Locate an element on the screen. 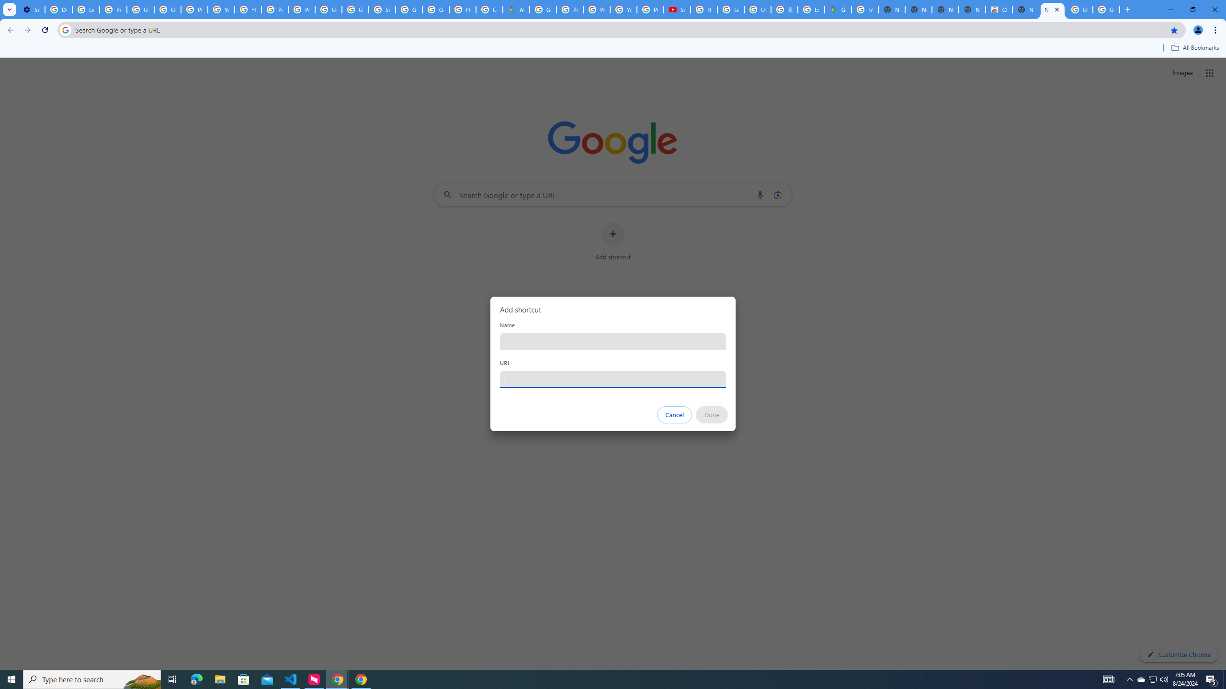 This screenshot has width=1226, height=689. 'Google Images' is located at coordinates (1079, 9).